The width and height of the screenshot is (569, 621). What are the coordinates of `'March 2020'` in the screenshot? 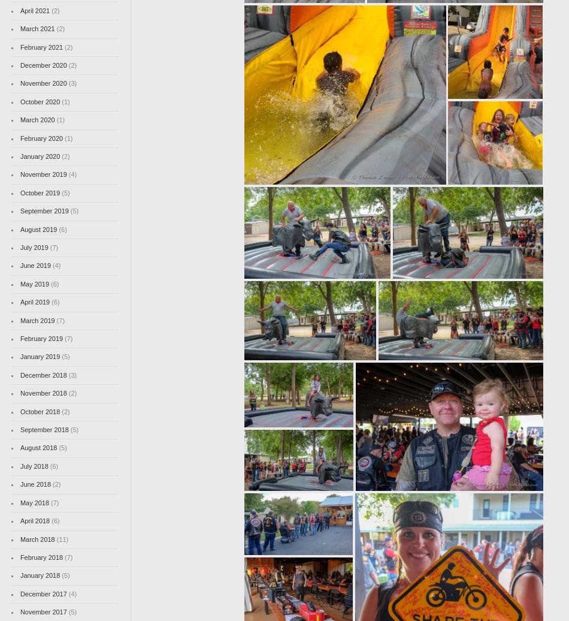 It's located at (37, 120).